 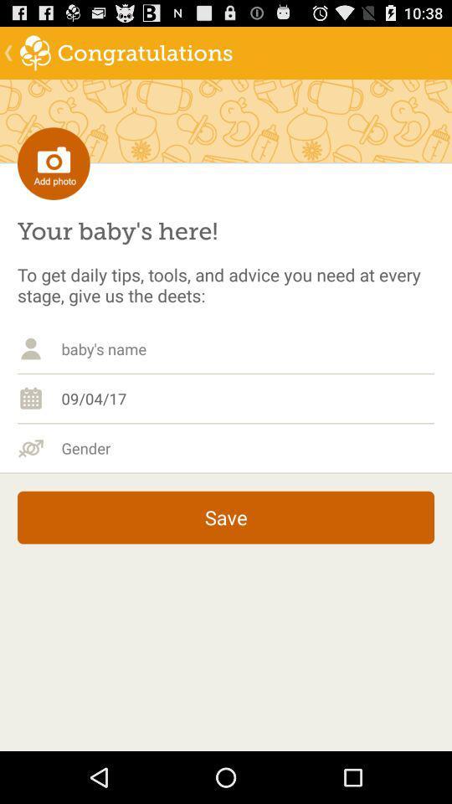 What do you see at coordinates (54, 174) in the screenshot?
I see `the photo icon` at bounding box center [54, 174].